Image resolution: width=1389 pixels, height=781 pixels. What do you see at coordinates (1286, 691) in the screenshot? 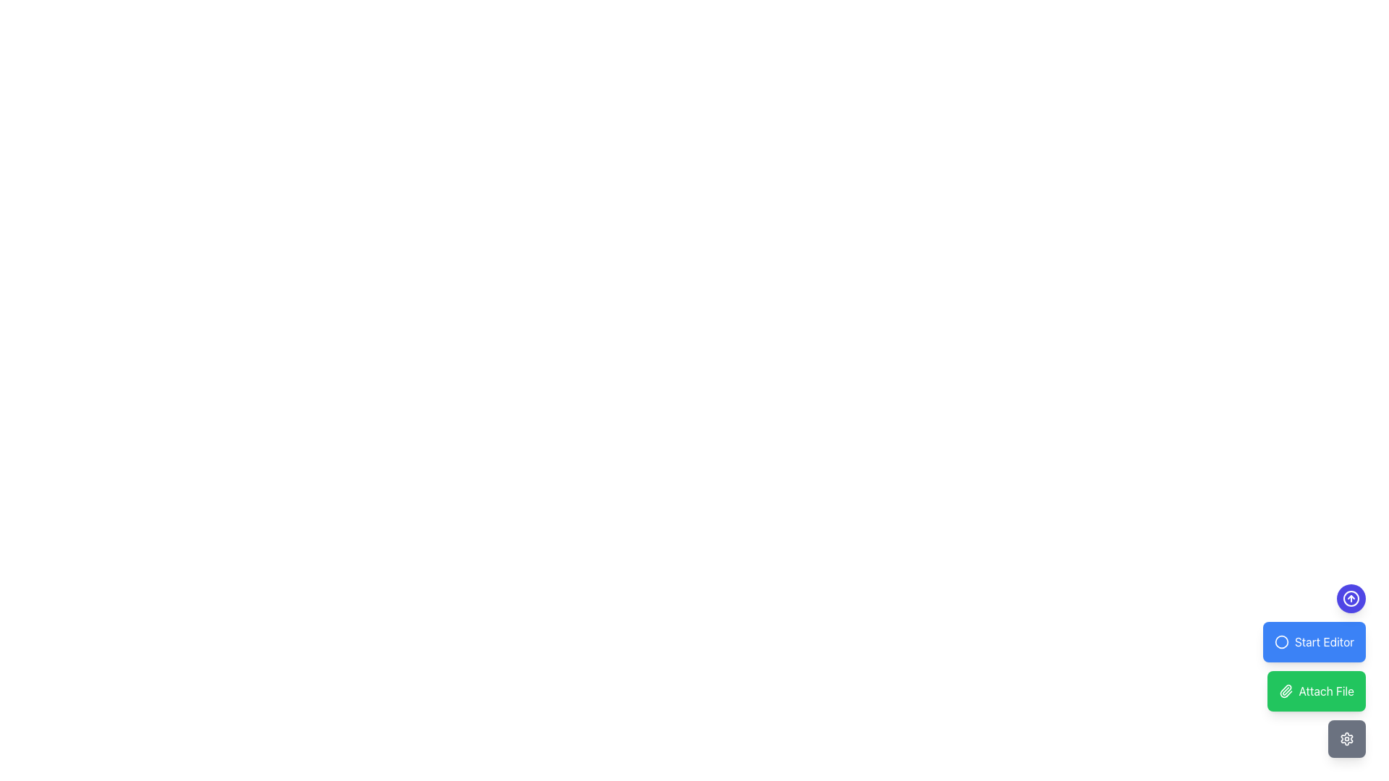
I see `the 'Attach File' button, which contains a paperclip icon on a green background` at bounding box center [1286, 691].